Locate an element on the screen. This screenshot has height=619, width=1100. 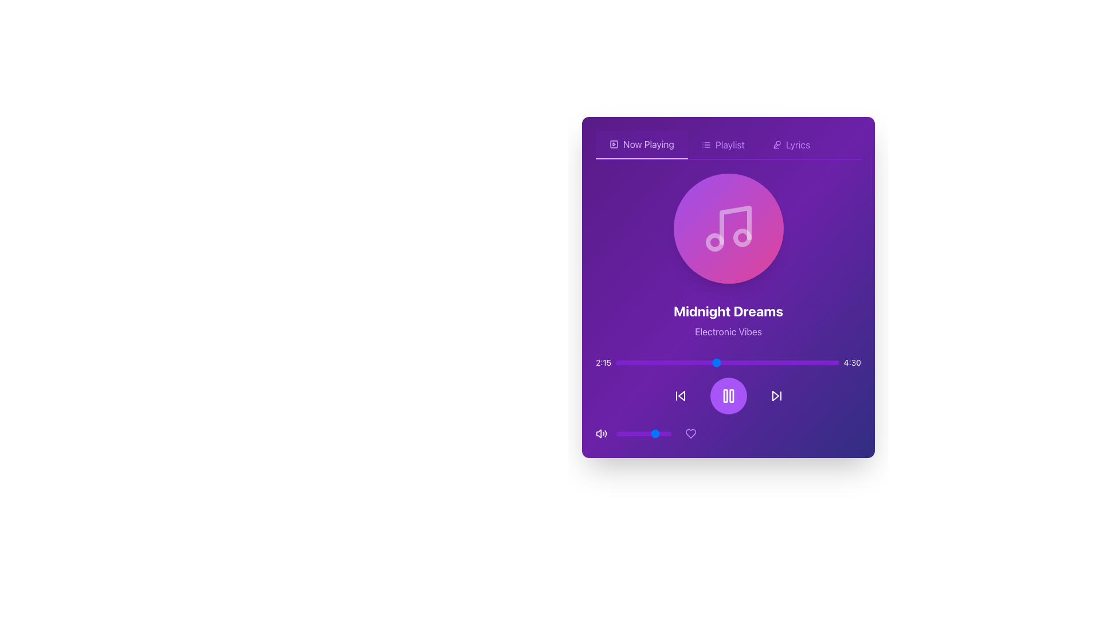
the static text display that shows the current playback time in the media player, positioned on the left side of the horizontal progress bar is located at coordinates (603, 362).